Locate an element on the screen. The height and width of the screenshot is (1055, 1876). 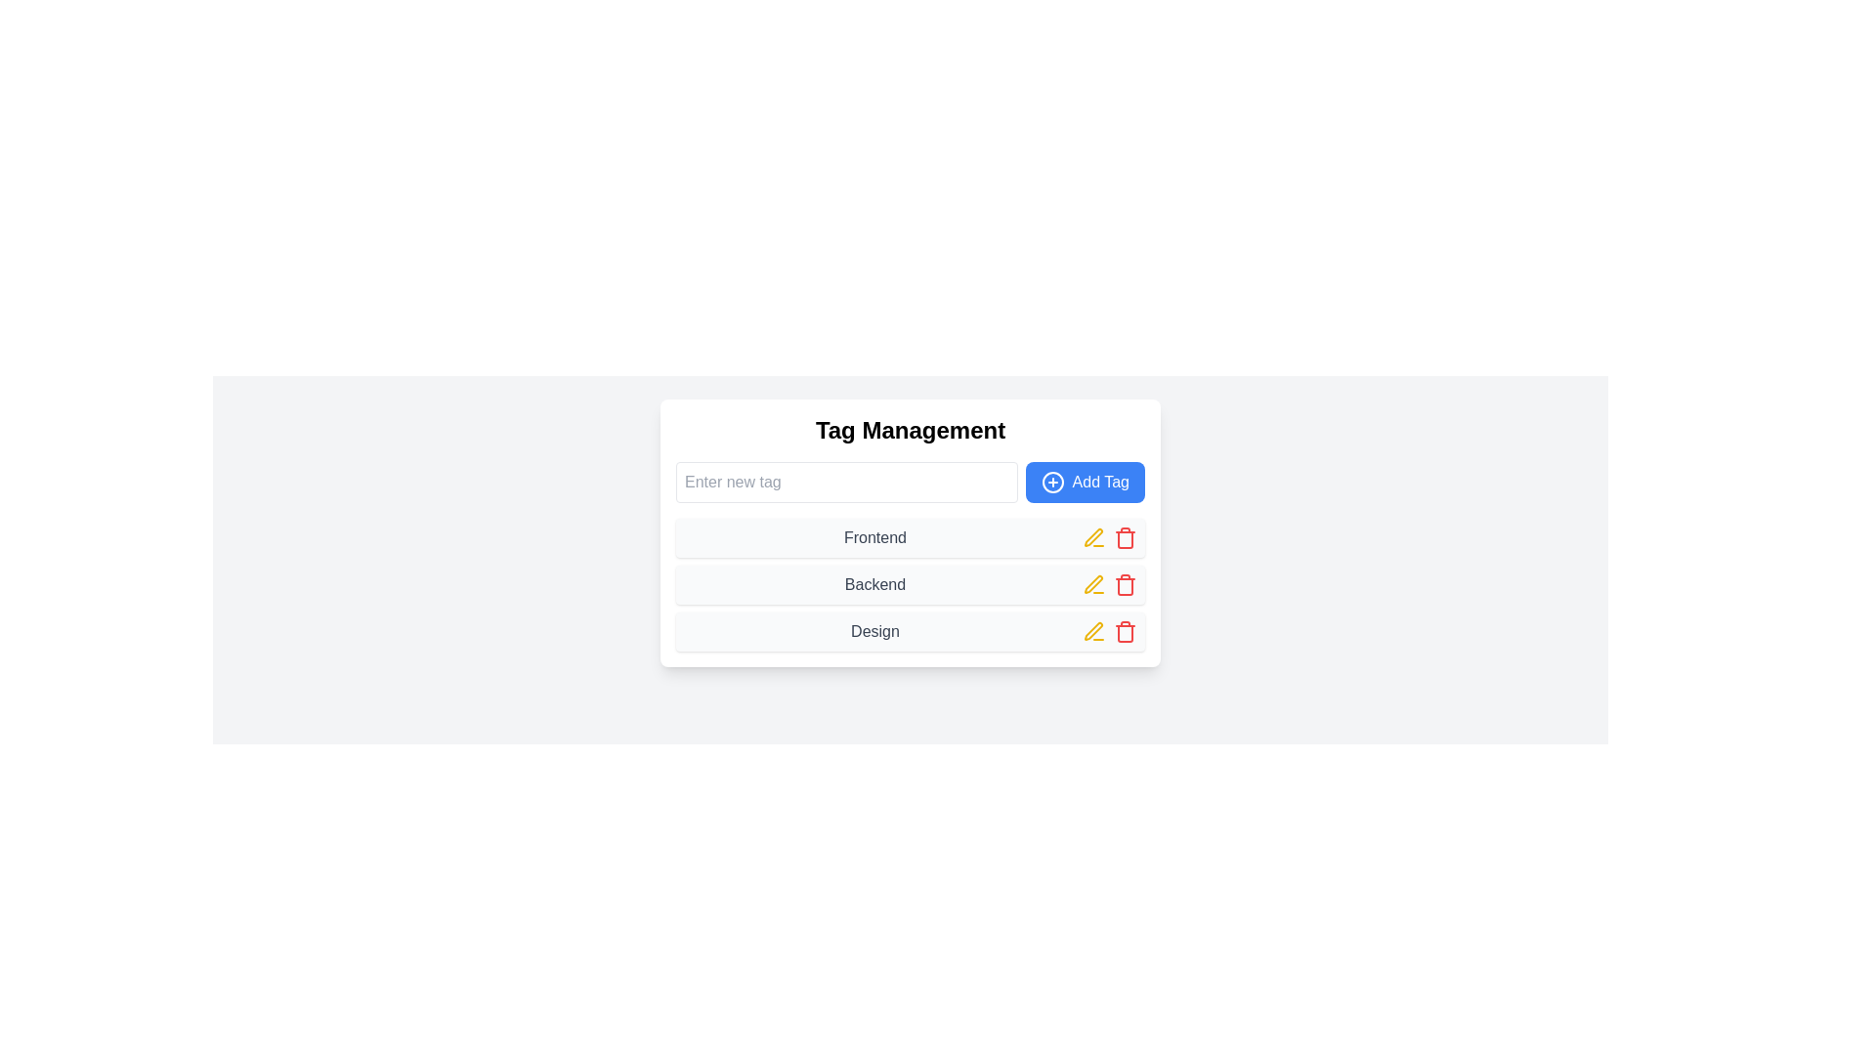
the red trash can icon, which is the rightmost icon in the Tag Management interface is located at coordinates (1126, 538).